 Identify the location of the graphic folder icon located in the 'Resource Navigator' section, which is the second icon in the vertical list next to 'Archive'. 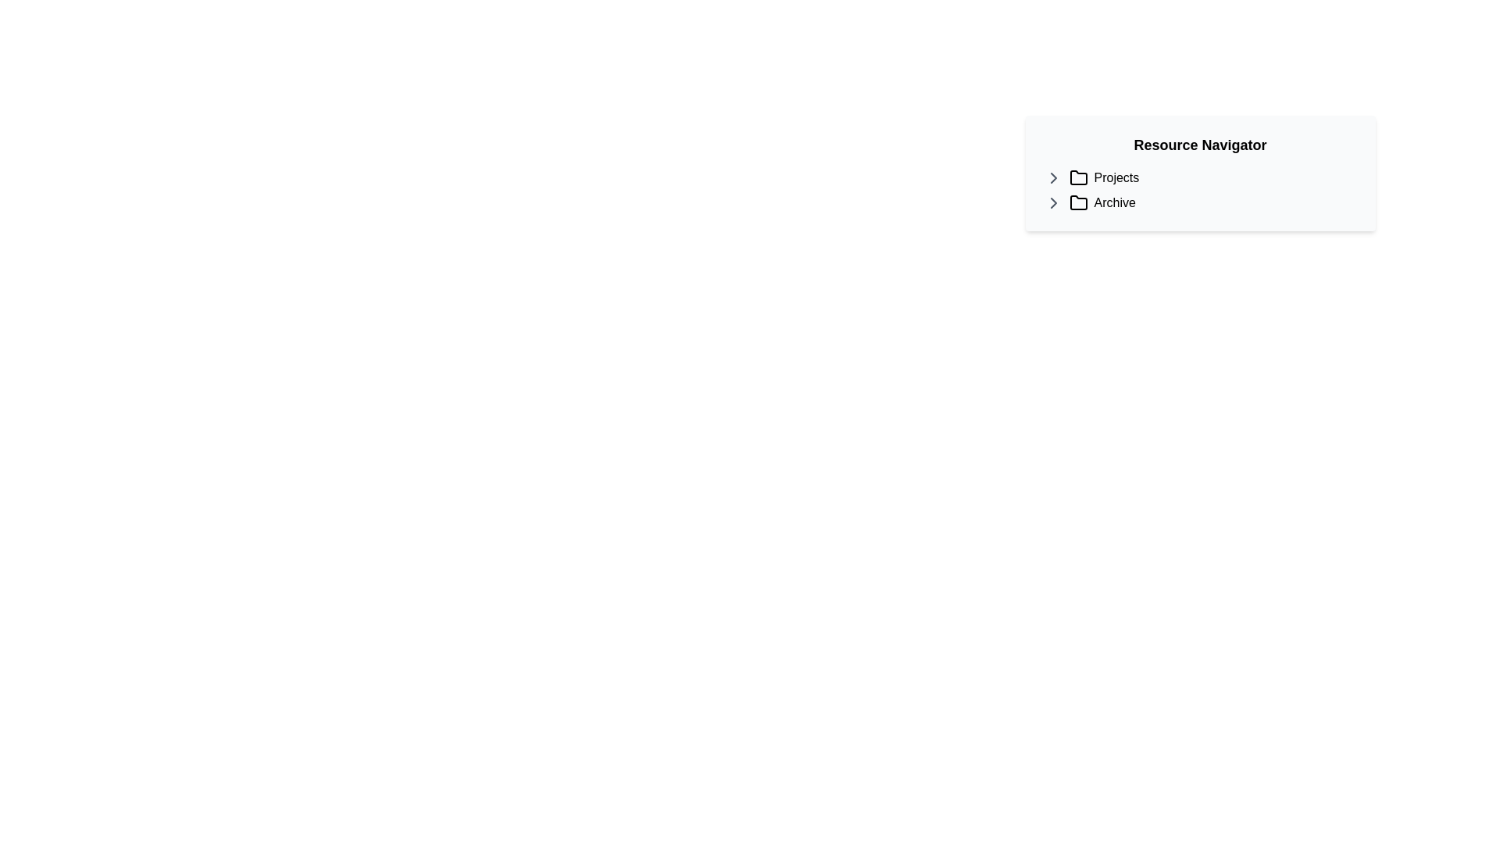
(1077, 177).